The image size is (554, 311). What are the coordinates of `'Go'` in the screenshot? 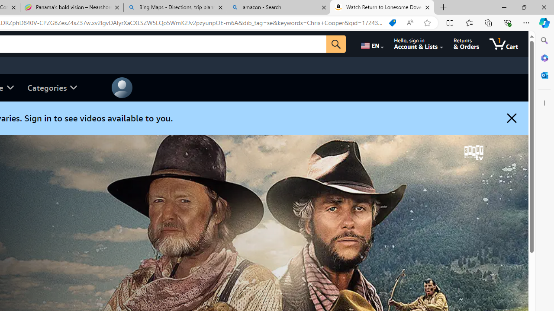 It's located at (335, 44).